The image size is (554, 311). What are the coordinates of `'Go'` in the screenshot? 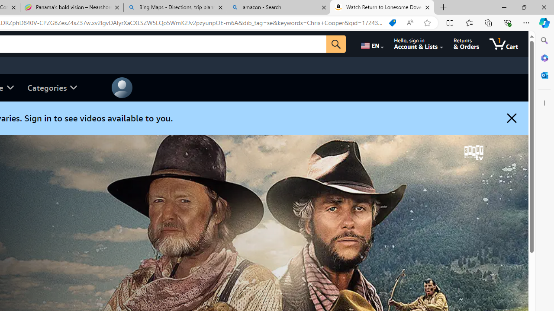 It's located at (335, 44).